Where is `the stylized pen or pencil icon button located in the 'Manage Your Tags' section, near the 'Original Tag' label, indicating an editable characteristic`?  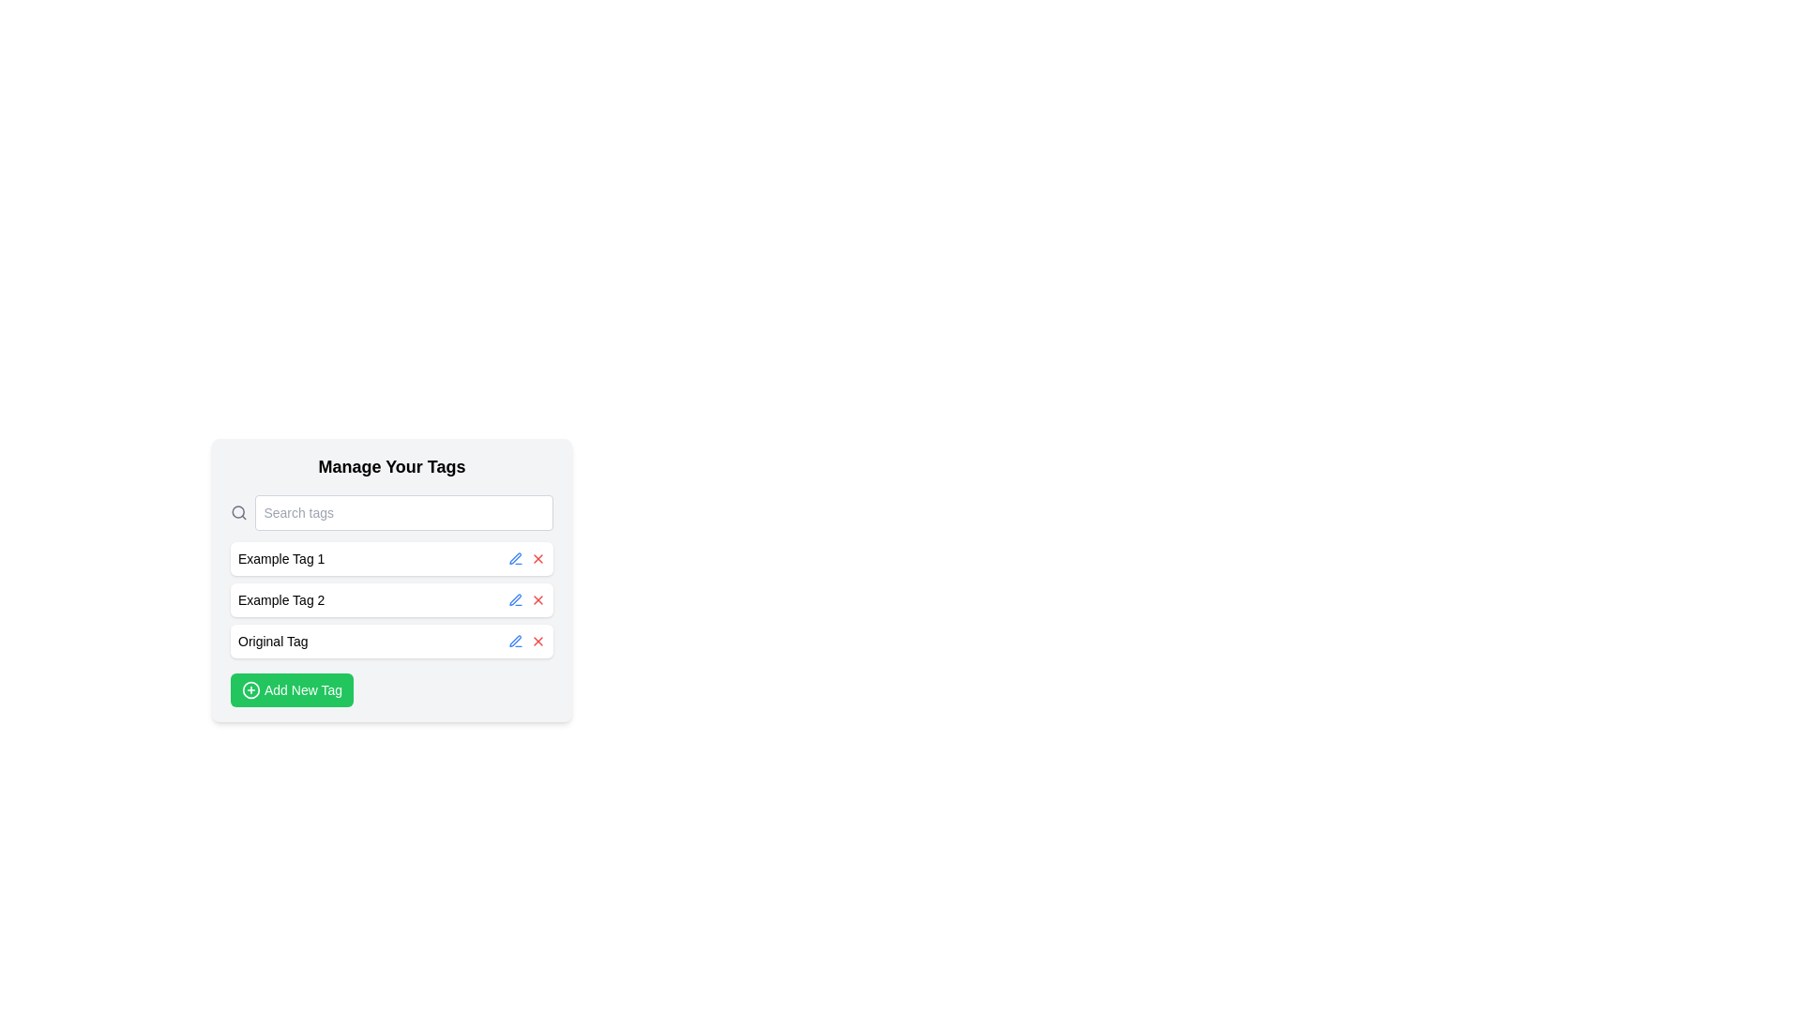
the stylized pen or pencil icon button located in the 'Manage Your Tags' section, near the 'Original Tag' label, indicating an editable characteristic is located at coordinates (515, 557).